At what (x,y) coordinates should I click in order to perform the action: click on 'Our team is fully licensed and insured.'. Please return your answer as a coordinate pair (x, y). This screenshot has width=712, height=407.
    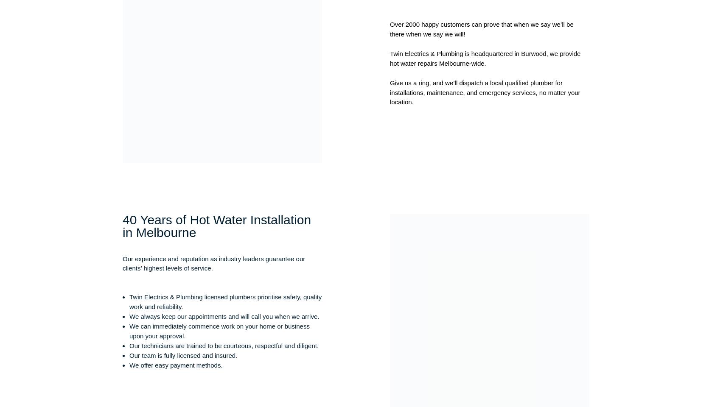
    Looking at the image, I should click on (182, 355).